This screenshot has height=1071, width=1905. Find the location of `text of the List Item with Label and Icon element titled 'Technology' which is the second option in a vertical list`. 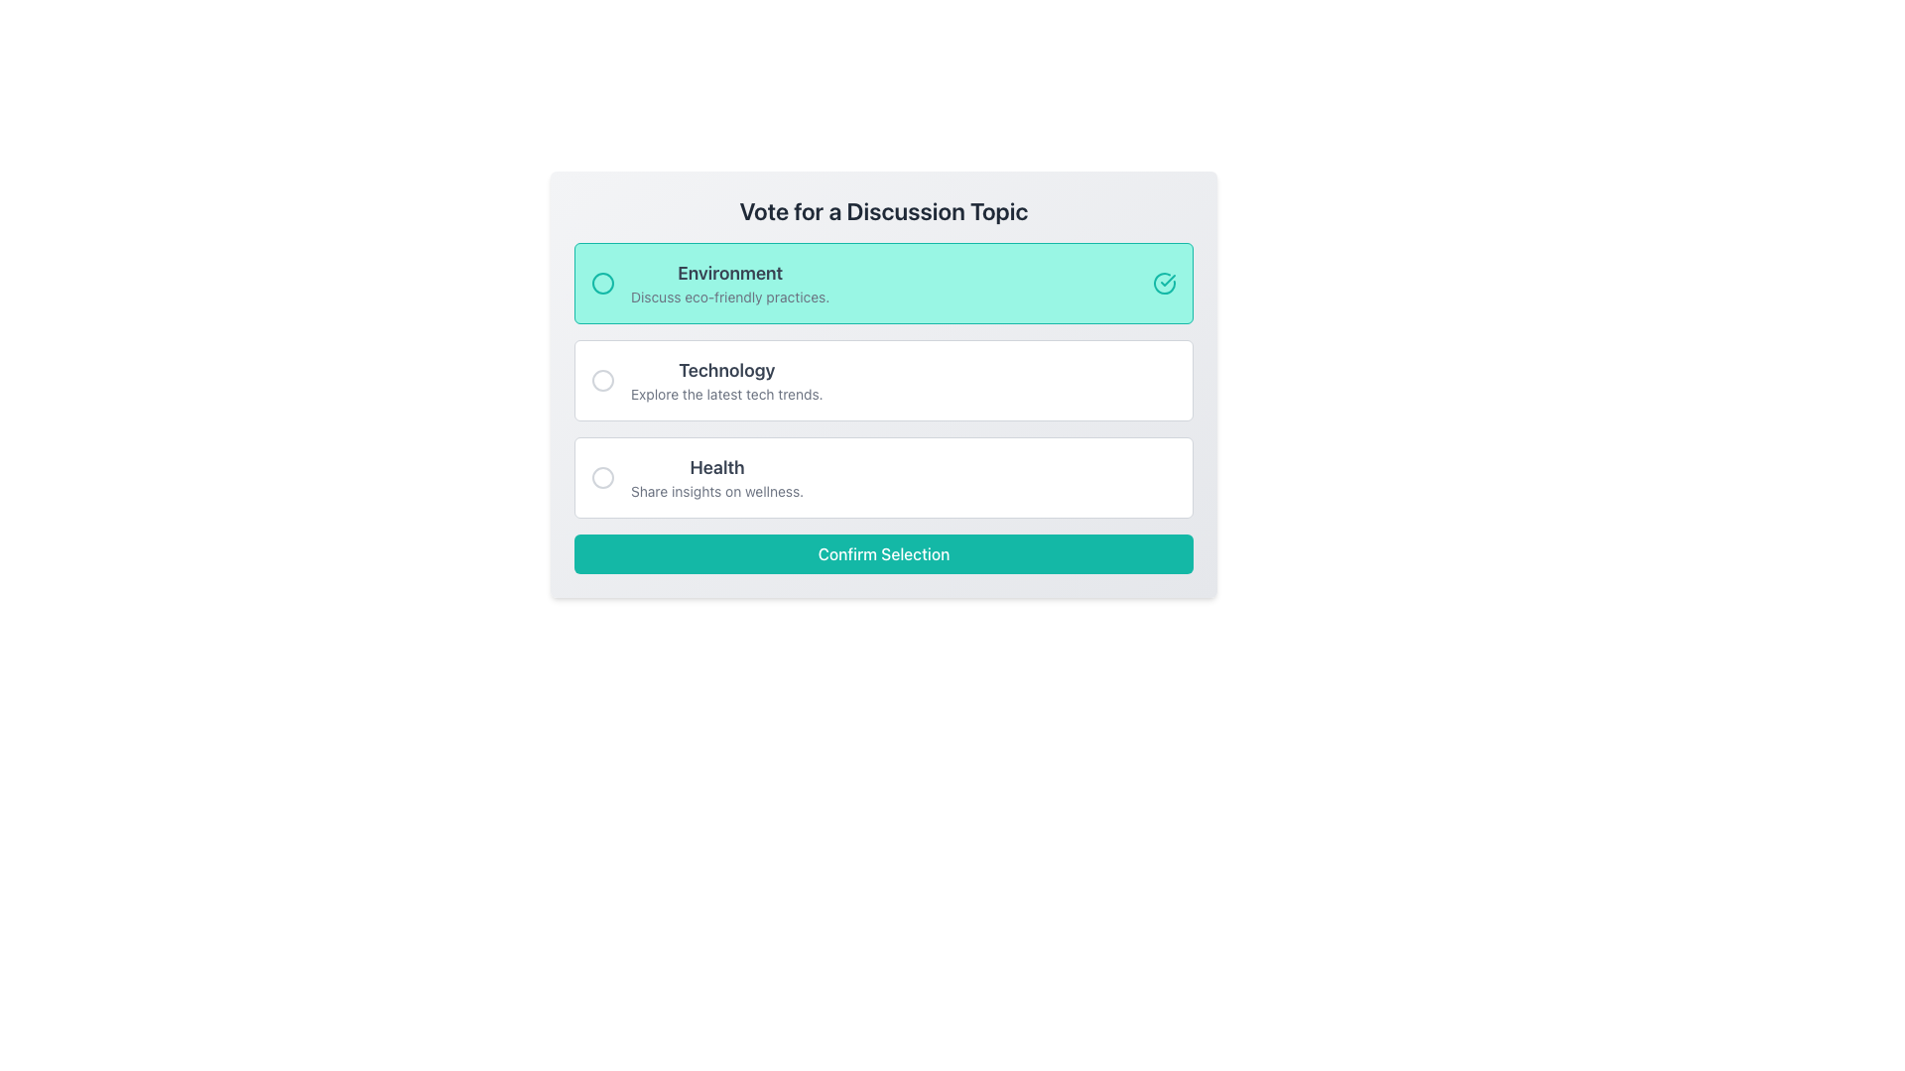

text of the List Item with Label and Icon element titled 'Technology' which is the second option in a vertical list is located at coordinates (706, 381).